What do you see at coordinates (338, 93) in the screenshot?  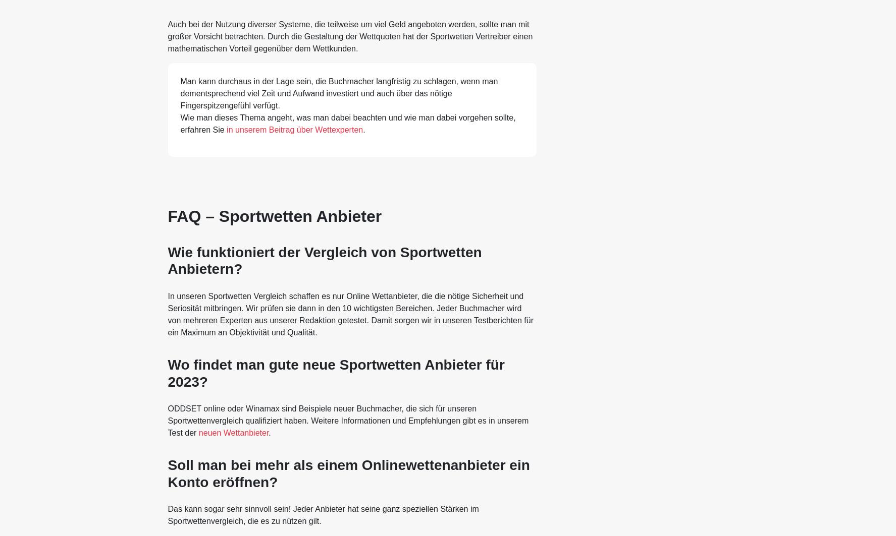 I see `'Man kann durchaus in der Lage sein, die Buchmacher langfristig zu schlagen, wenn man dementsprechend viel Zeit und Aufwand investiert und auch über das nötige Fingerspitzengefühl verfügt.'` at bounding box center [338, 93].